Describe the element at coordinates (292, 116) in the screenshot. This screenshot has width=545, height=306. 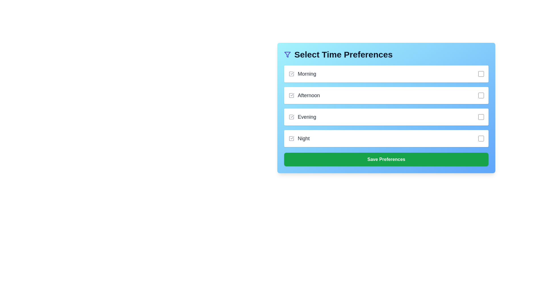
I see `the checkbox with a gray checkmark adjacent to the label 'Evening'` at that location.